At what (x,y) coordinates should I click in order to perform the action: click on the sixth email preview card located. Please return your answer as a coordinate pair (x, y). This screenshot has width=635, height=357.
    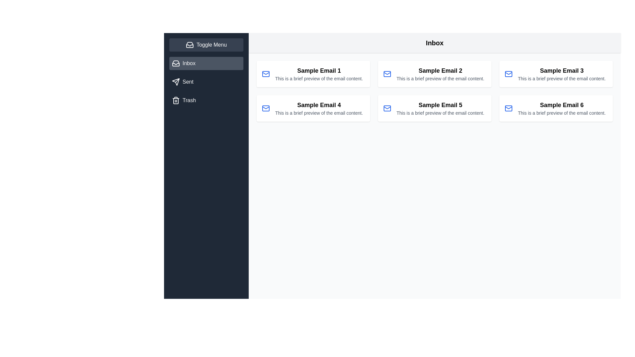
    Looking at the image, I should click on (556, 108).